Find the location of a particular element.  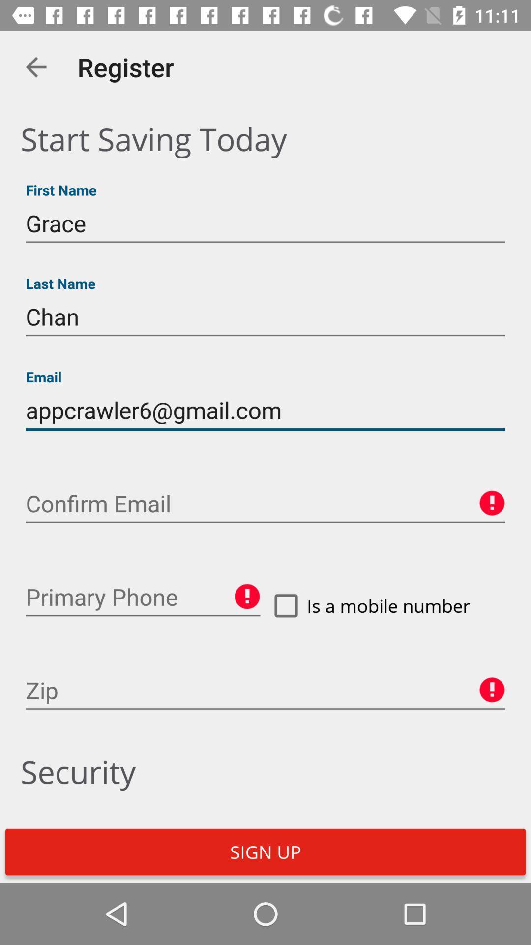

password page is located at coordinates (265, 504).